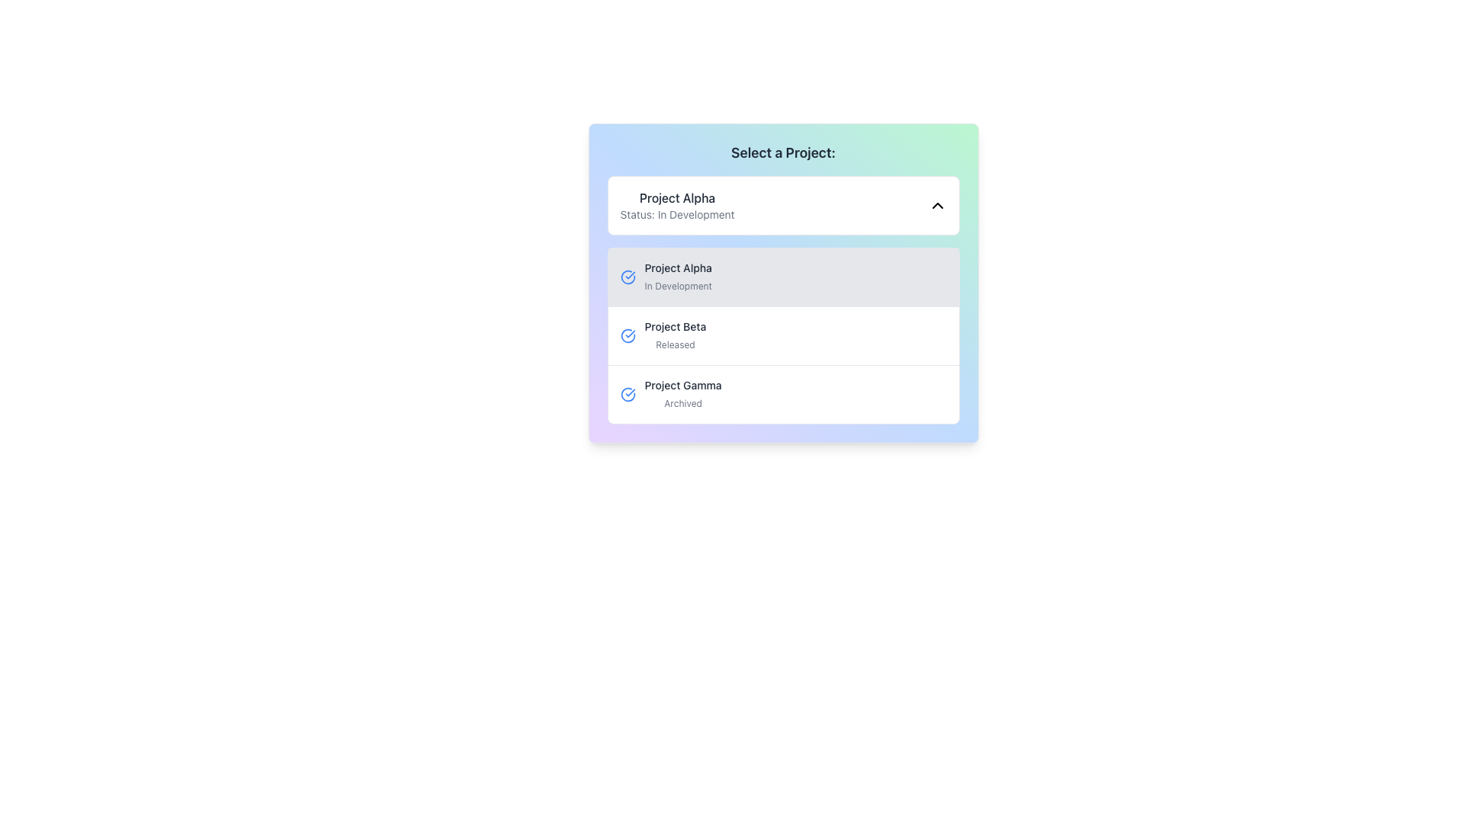 Image resolution: width=1464 pixels, height=823 pixels. Describe the element at coordinates (783, 335) in the screenshot. I see `the second project list item titled 'Project Beta'` at that location.